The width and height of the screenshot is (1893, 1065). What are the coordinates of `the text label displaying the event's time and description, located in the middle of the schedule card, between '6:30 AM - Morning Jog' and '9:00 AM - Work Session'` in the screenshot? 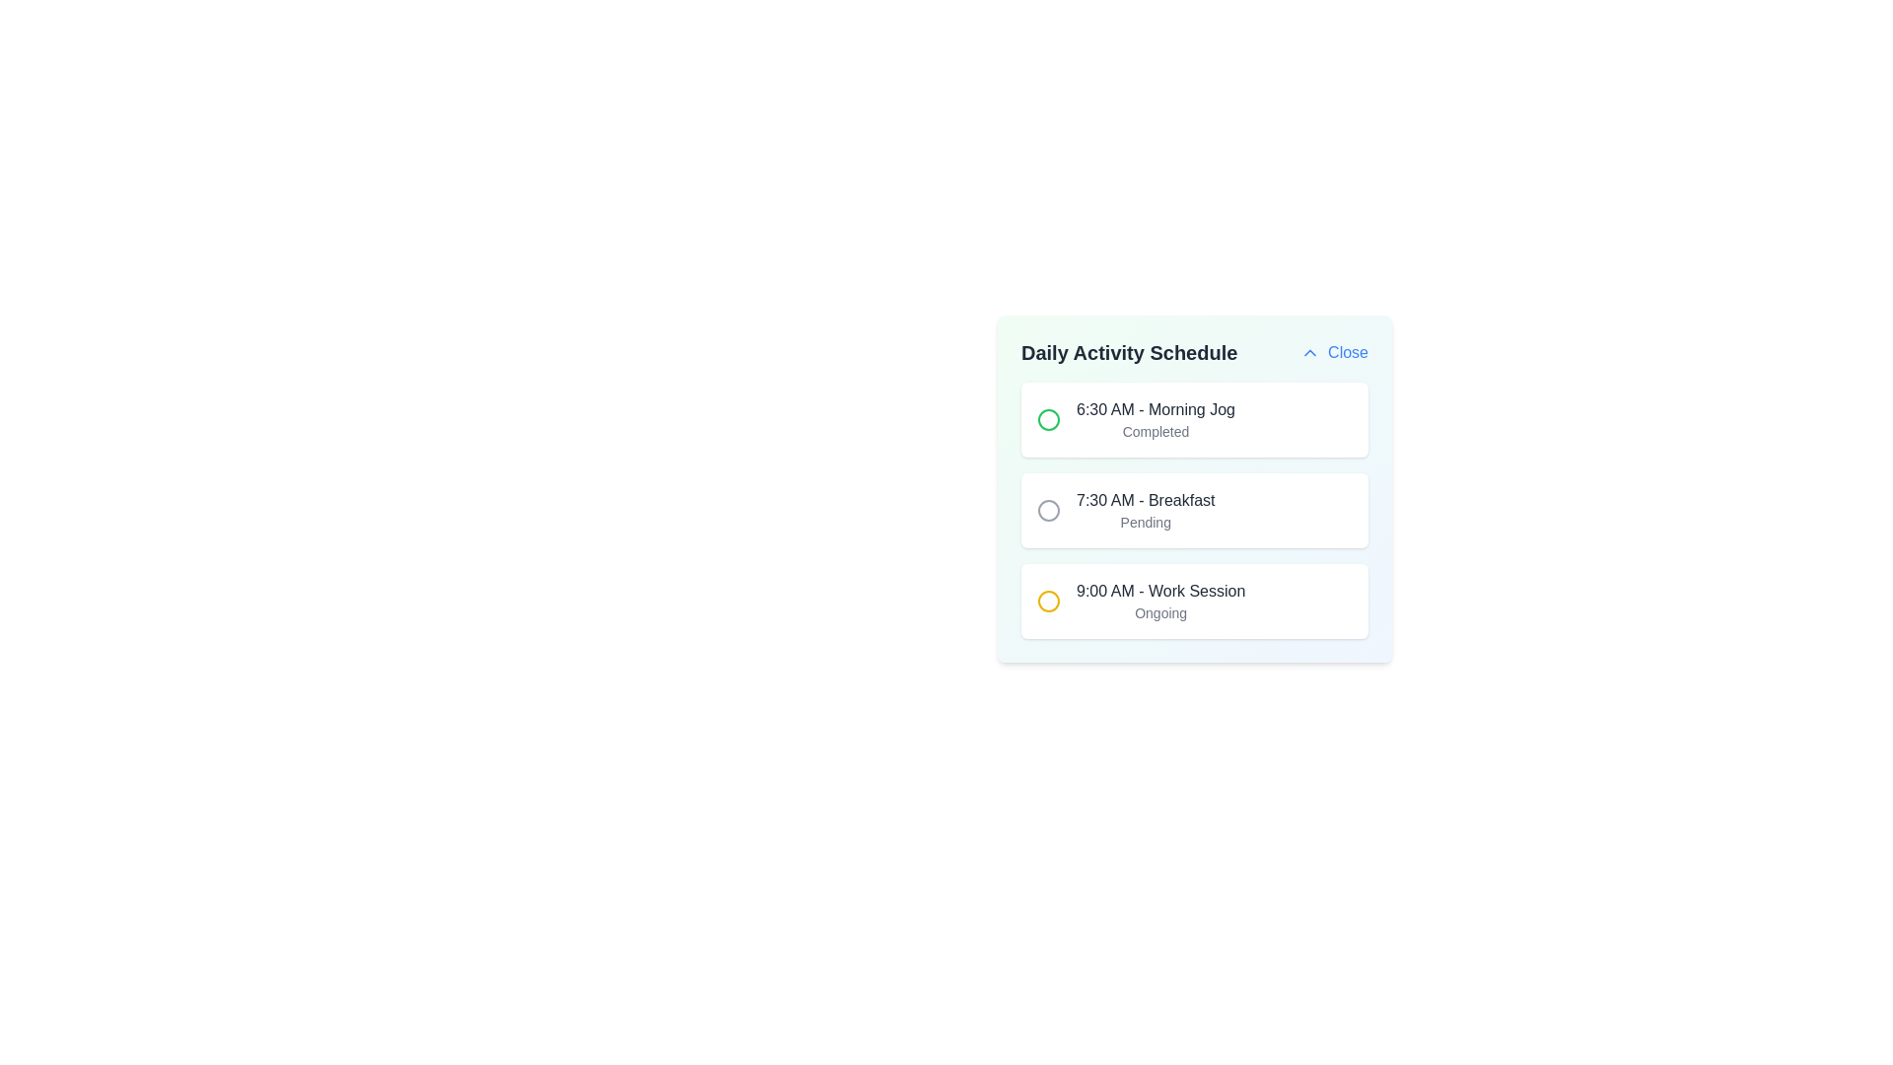 It's located at (1146, 500).